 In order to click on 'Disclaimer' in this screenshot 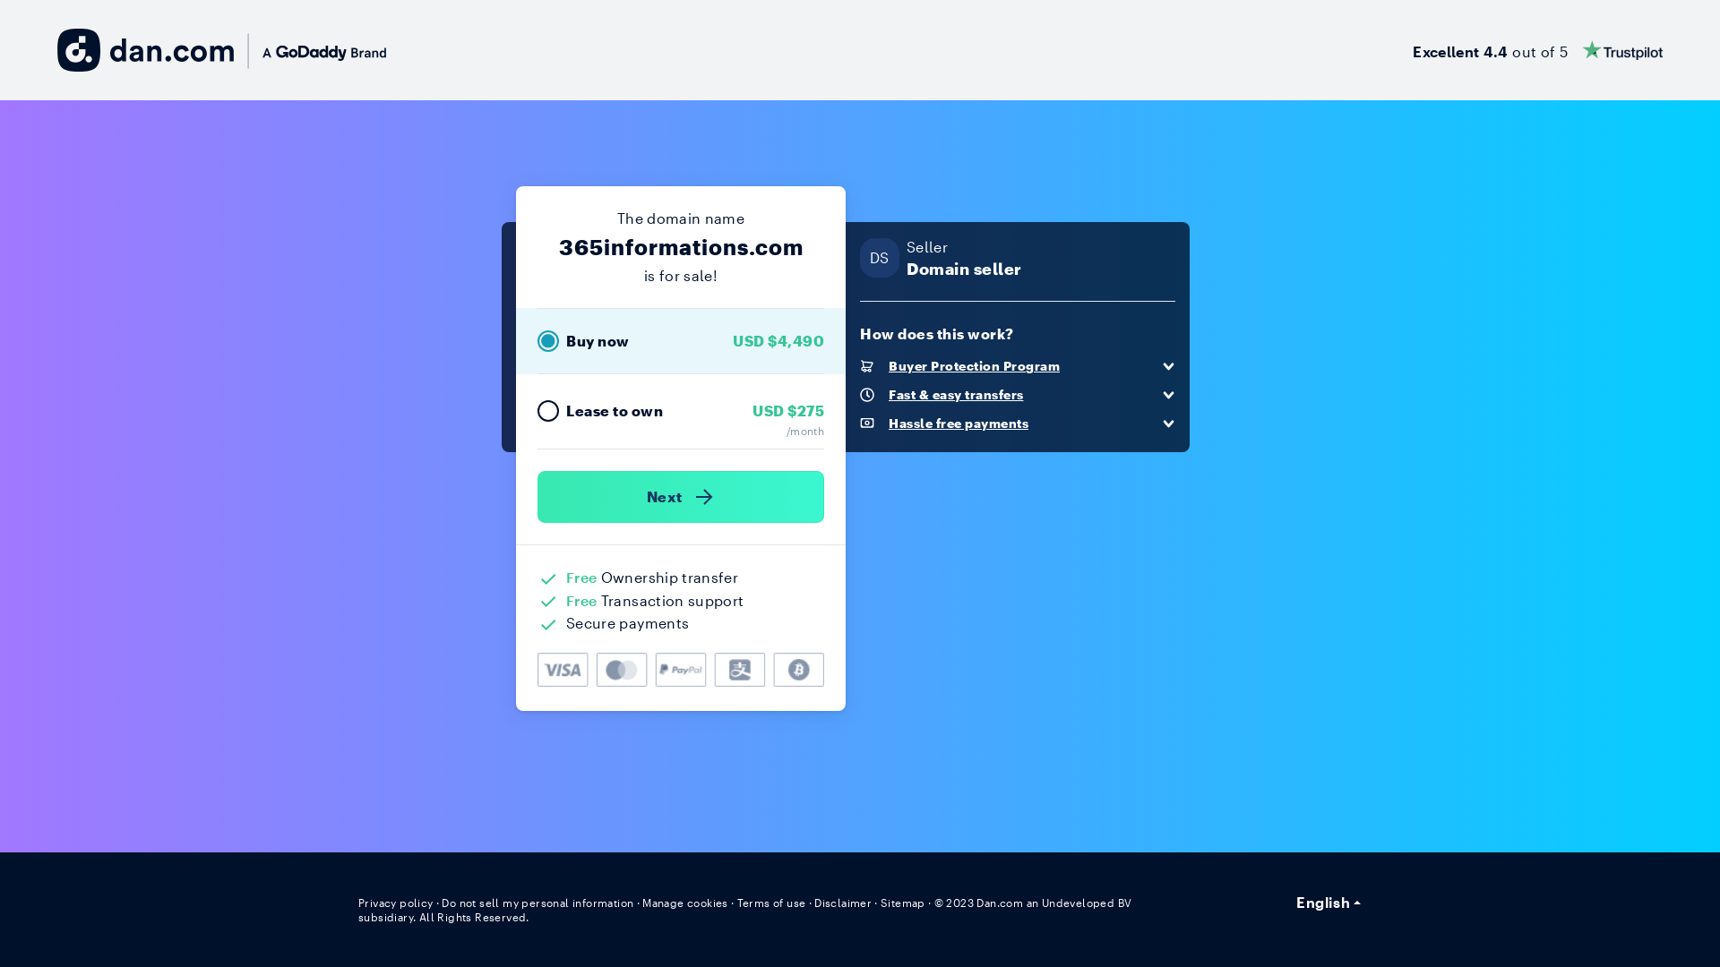, I will do `click(841, 902)`.